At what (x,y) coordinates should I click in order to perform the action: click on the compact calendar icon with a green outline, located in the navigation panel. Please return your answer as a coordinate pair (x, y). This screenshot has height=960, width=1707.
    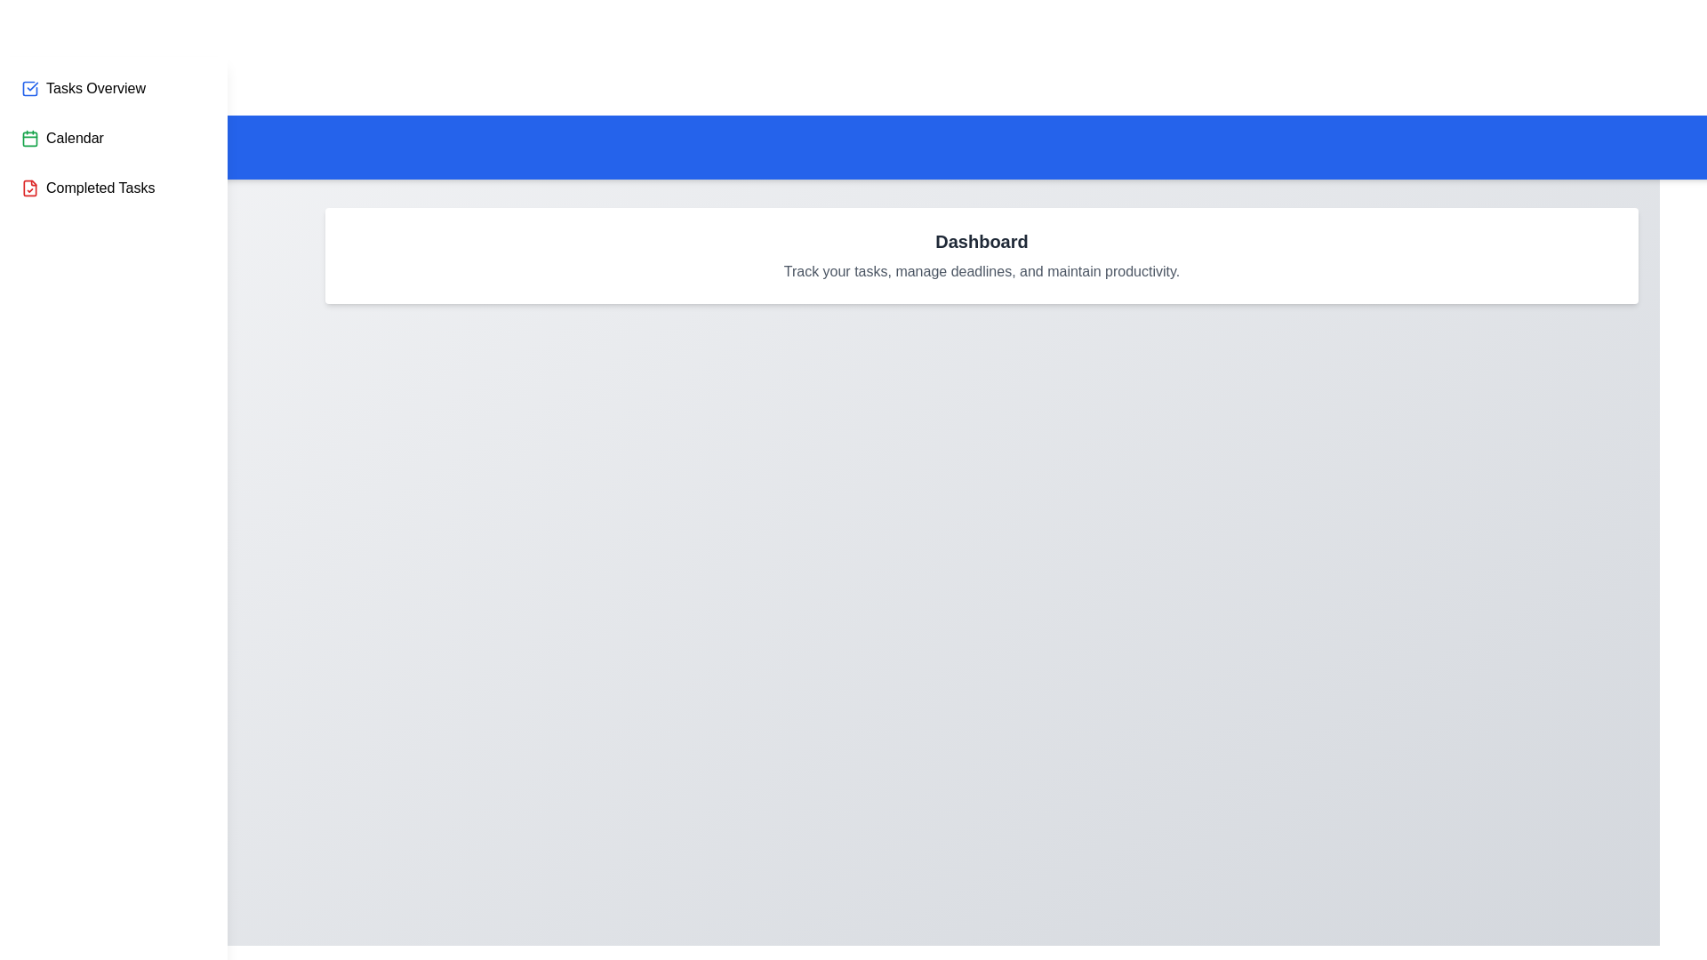
    Looking at the image, I should click on (29, 137).